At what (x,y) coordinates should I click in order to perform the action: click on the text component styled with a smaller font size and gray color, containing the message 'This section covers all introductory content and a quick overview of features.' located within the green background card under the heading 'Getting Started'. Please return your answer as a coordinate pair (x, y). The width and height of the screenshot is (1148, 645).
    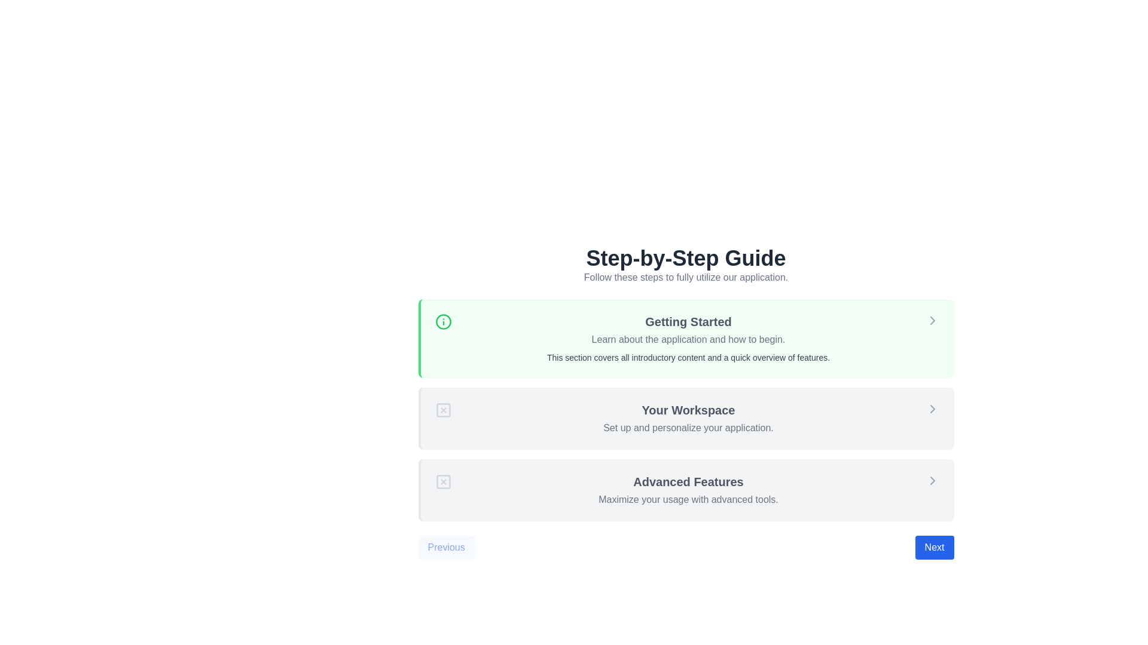
    Looking at the image, I should click on (688, 357).